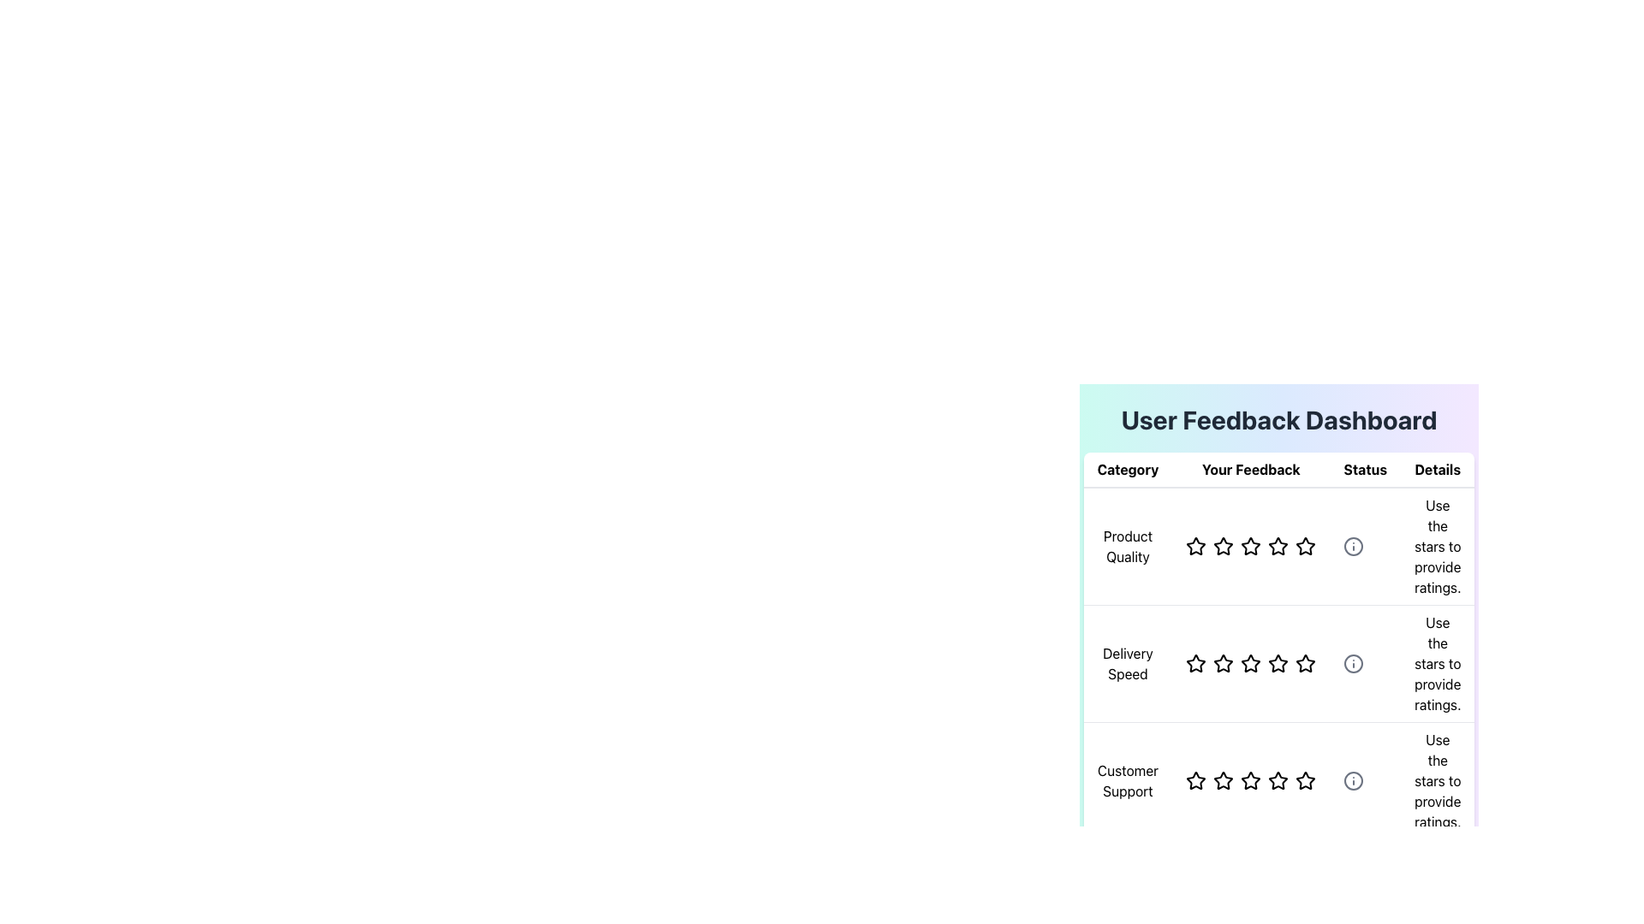  Describe the element at coordinates (1278, 780) in the screenshot. I see `the fourth star icon in the 'Customer Support' rating category to provide a 4-star rating in the feedback table` at that location.